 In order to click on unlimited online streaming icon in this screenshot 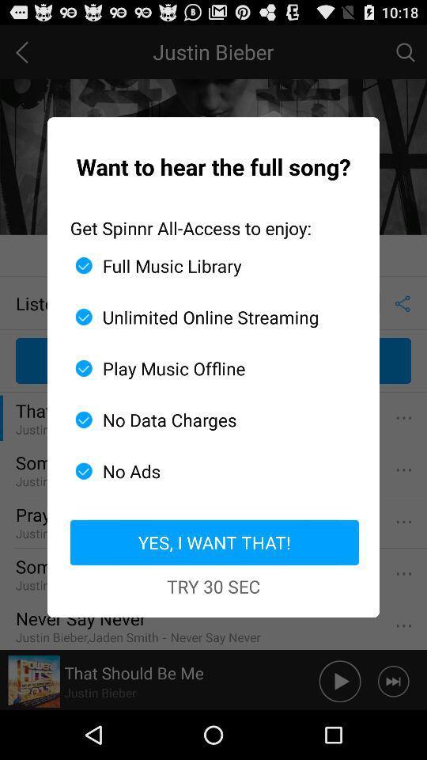, I will do `click(207, 316)`.